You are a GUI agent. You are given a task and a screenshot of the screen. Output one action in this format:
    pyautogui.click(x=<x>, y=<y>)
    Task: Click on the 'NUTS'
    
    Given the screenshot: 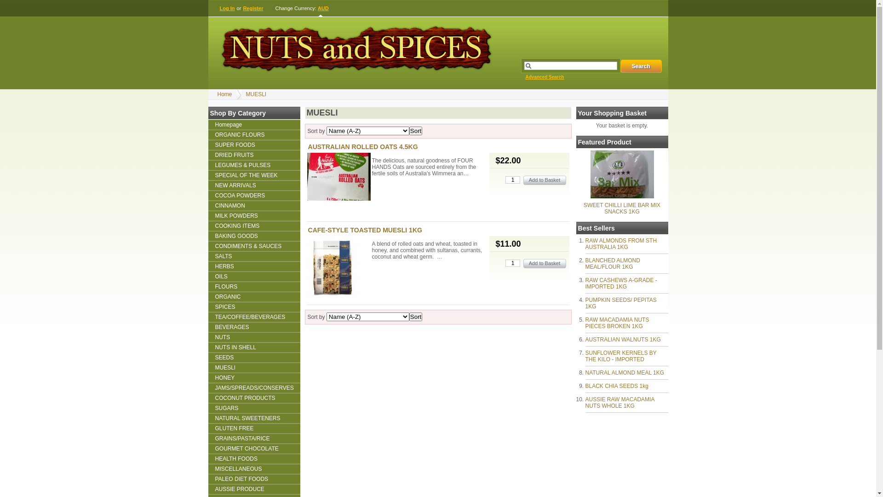 What is the action you would take?
    pyautogui.click(x=254, y=337)
    